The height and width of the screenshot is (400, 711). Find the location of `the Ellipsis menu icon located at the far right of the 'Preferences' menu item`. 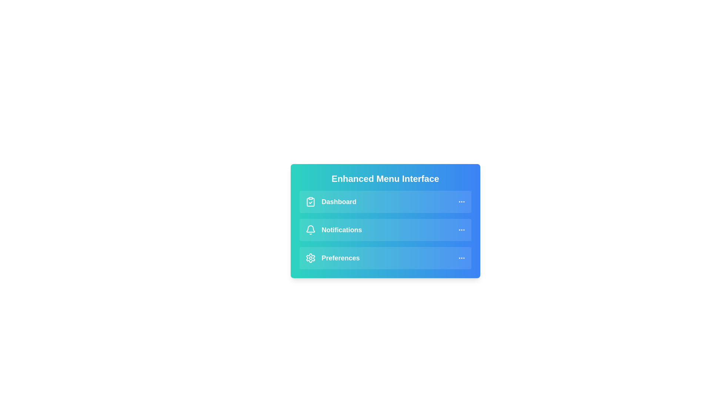

the Ellipsis menu icon located at the far right of the 'Preferences' menu item is located at coordinates (461, 258).